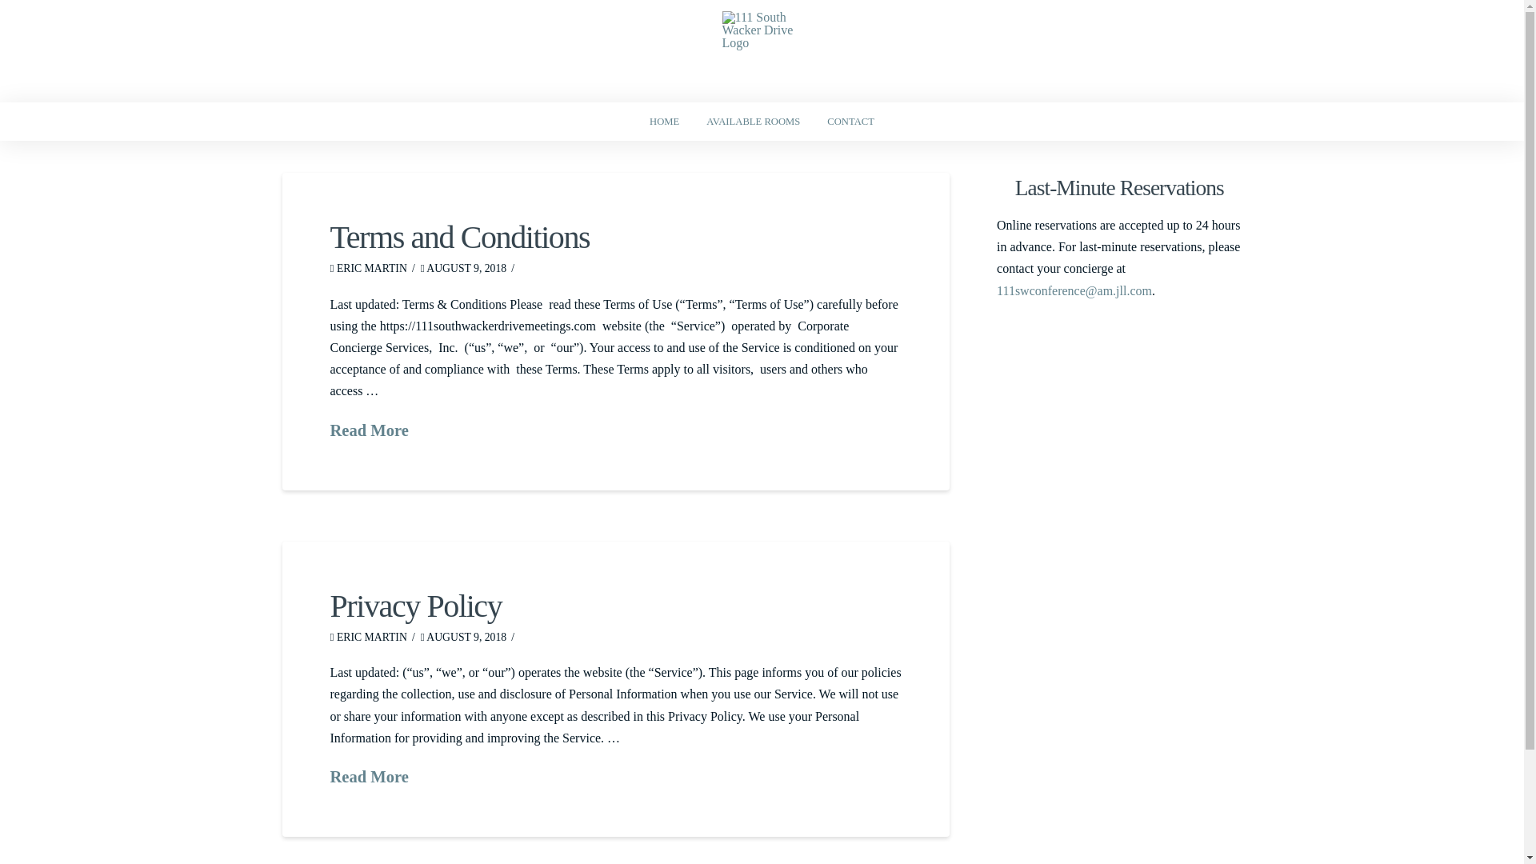  Describe the element at coordinates (664, 121) in the screenshot. I see `'HOME'` at that location.